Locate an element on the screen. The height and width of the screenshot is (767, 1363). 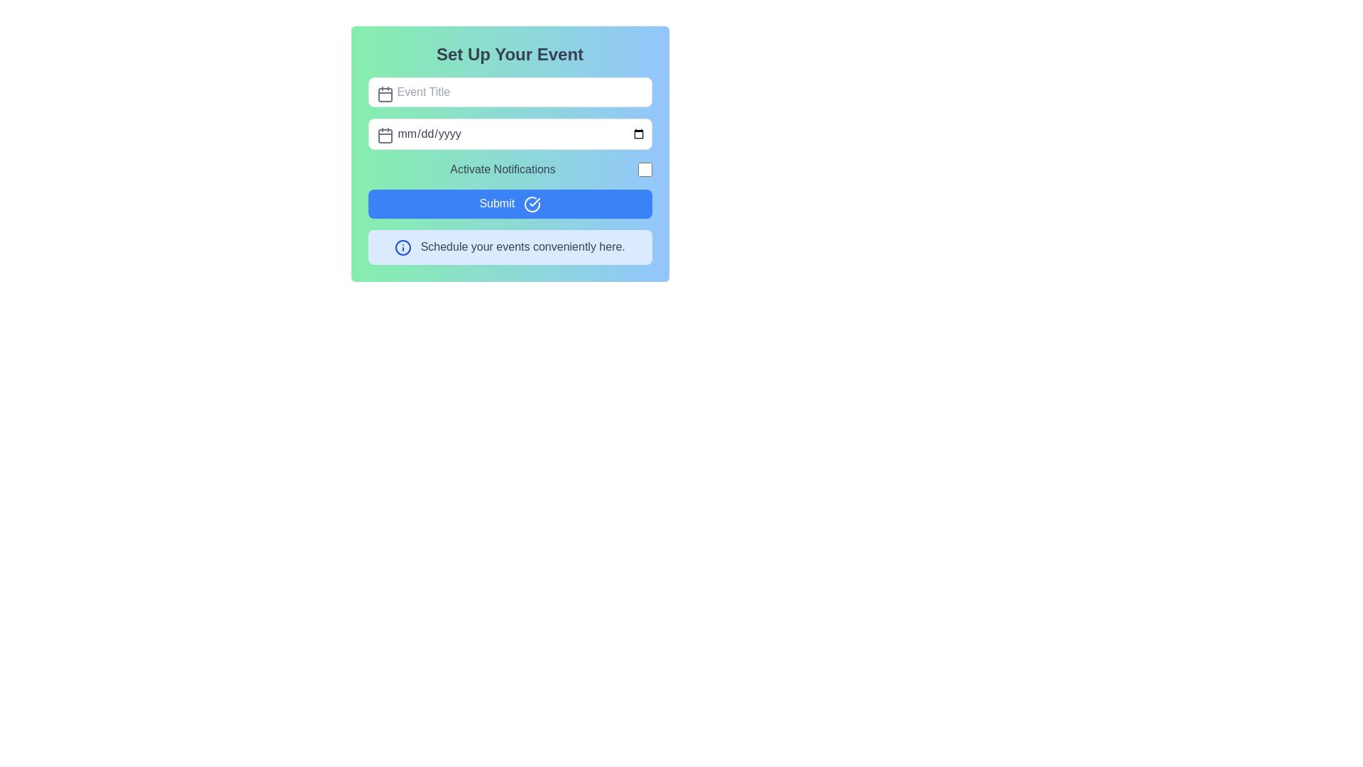
the calendar icon located to the left inside the input box labeled 'mm/dd/yyyy' is located at coordinates (385, 136).